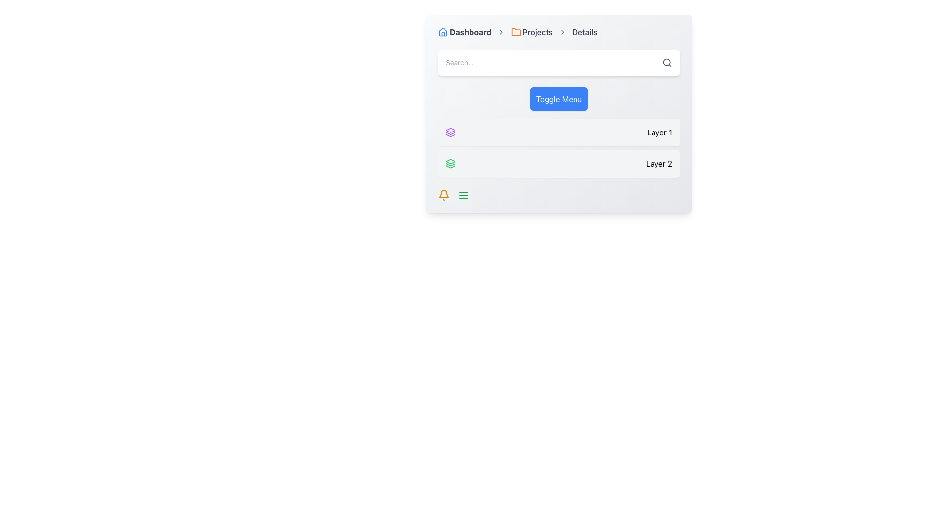  What do you see at coordinates (559, 99) in the screenshot?
I see `the bold blue button labeled 'Toggle Menu' located below the search bar` at bounding box center [559, 99].